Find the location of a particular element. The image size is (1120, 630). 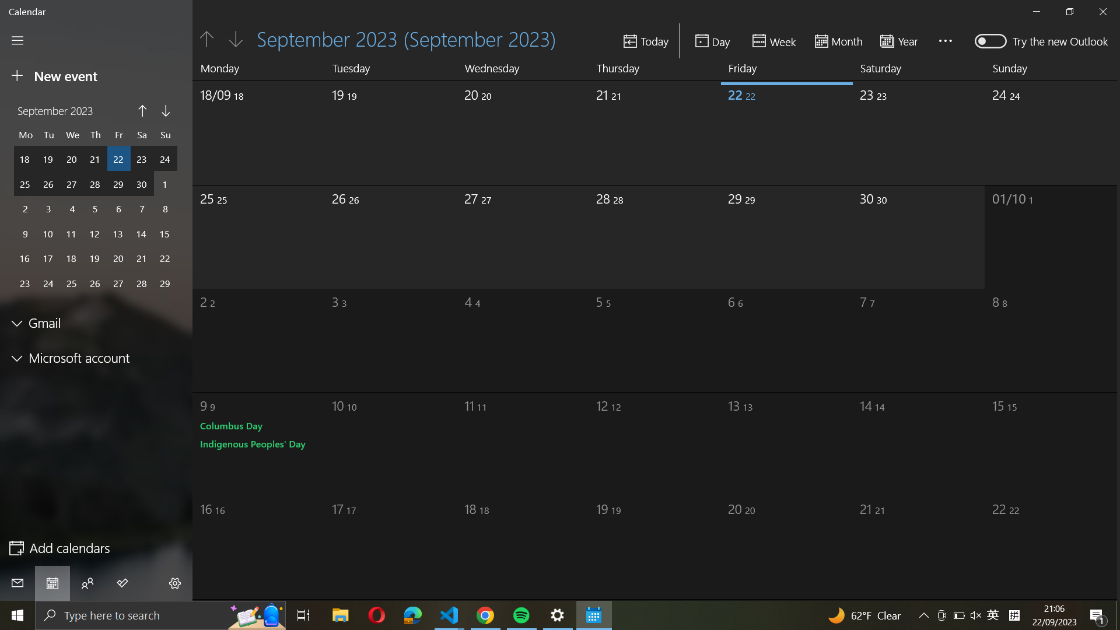

October 13th is located at coordinates (770, 439).